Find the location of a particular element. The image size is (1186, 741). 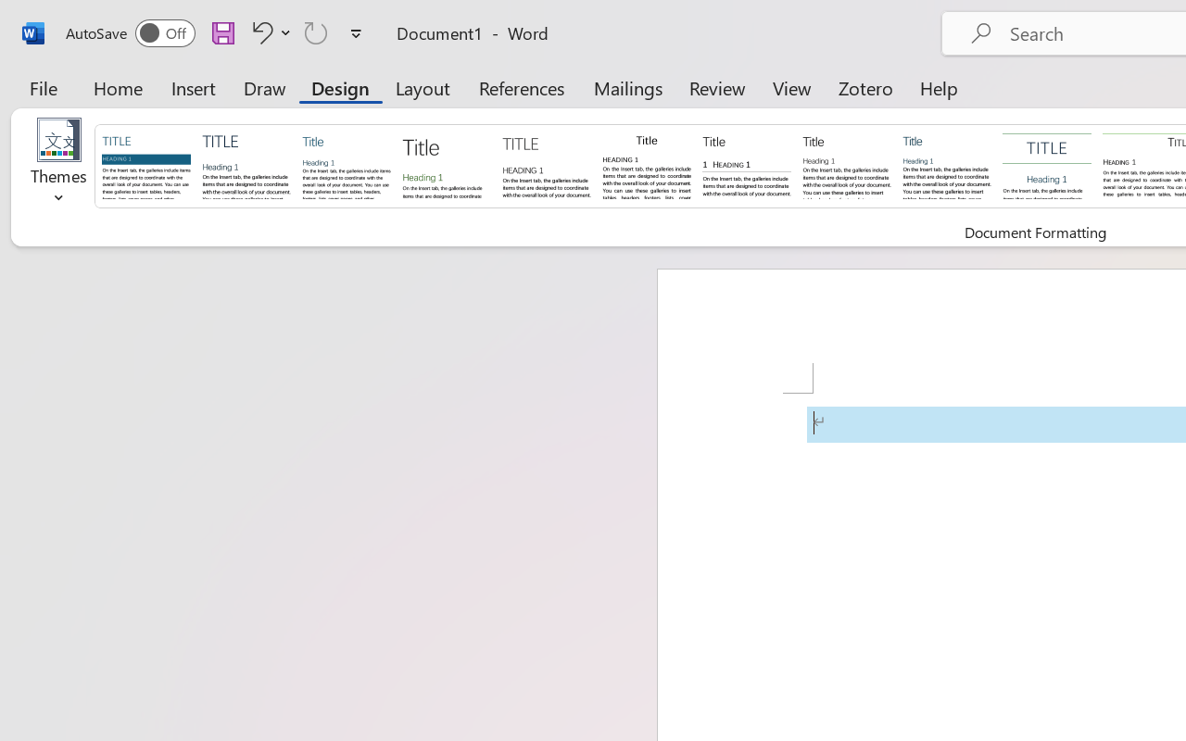

'Basic (Stylish)' is located at coordinates (446, 164).